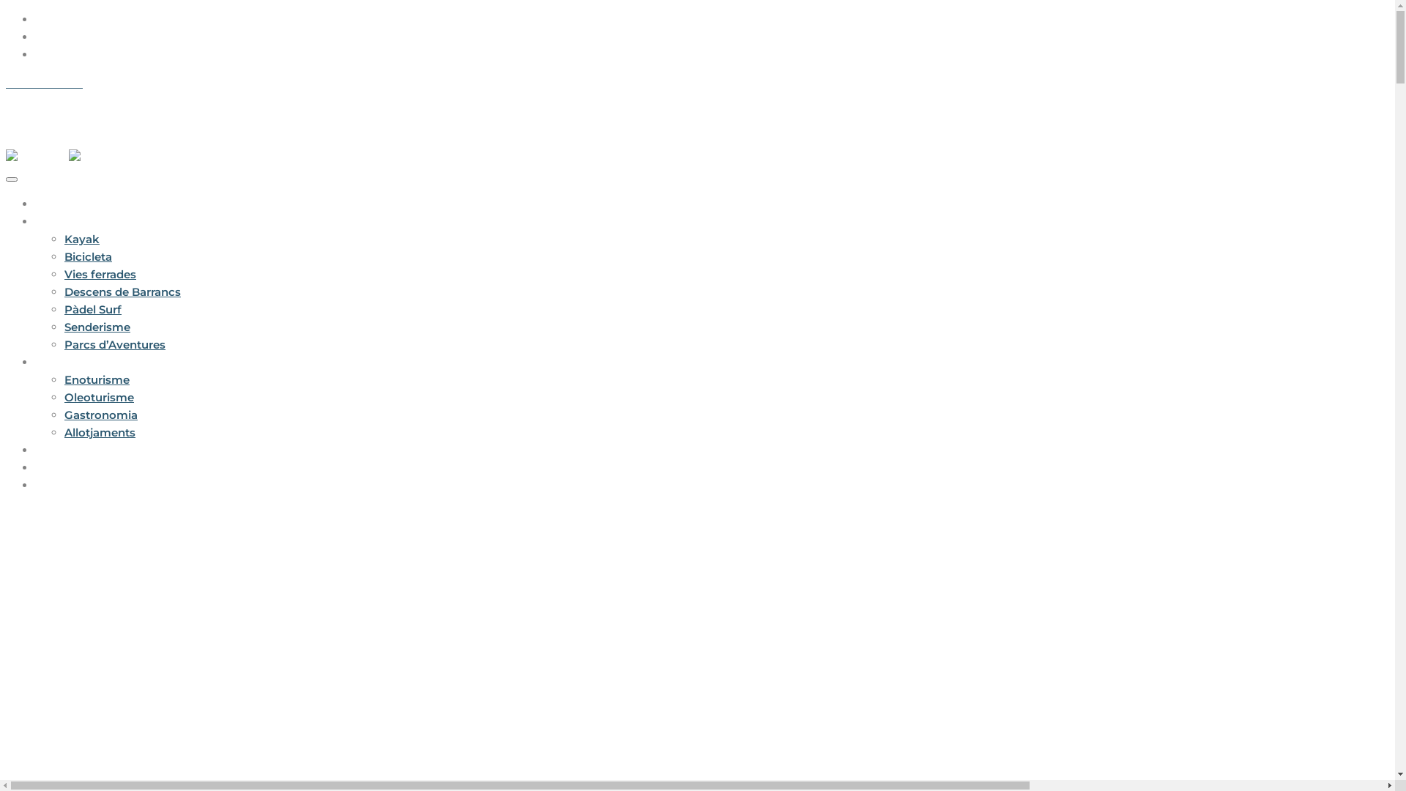  What do you see at coordinates (52, 449) in the screenshot?
I see `'Packs'` at bounding box center [52, 449].